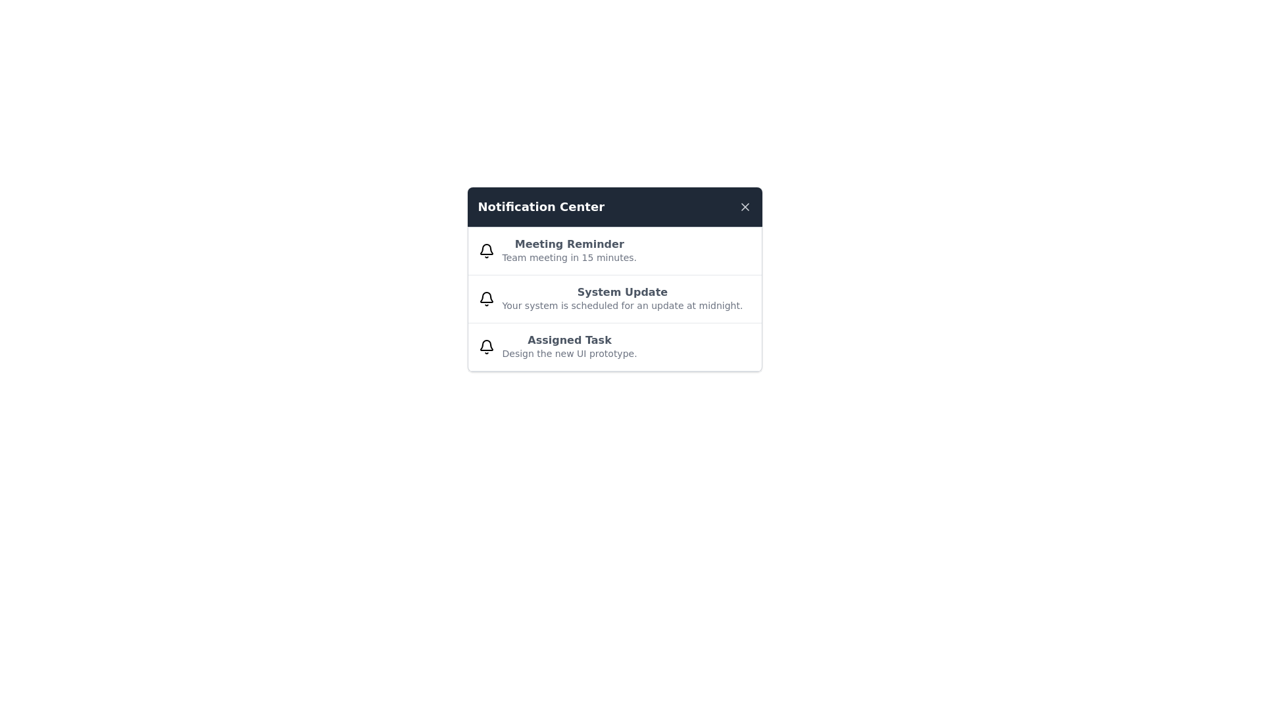 This screenshot has height=710, width=1263. Describe the element at coordinates (614, 299) in the screenshot. I see `the second notification item in the vertical notification list that provides information about a scheduled system update` at that location.